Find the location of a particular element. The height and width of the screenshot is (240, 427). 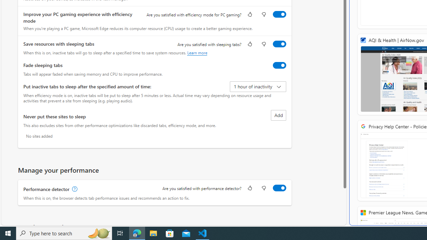

'Learn more' is located at coordinates (197, 52).